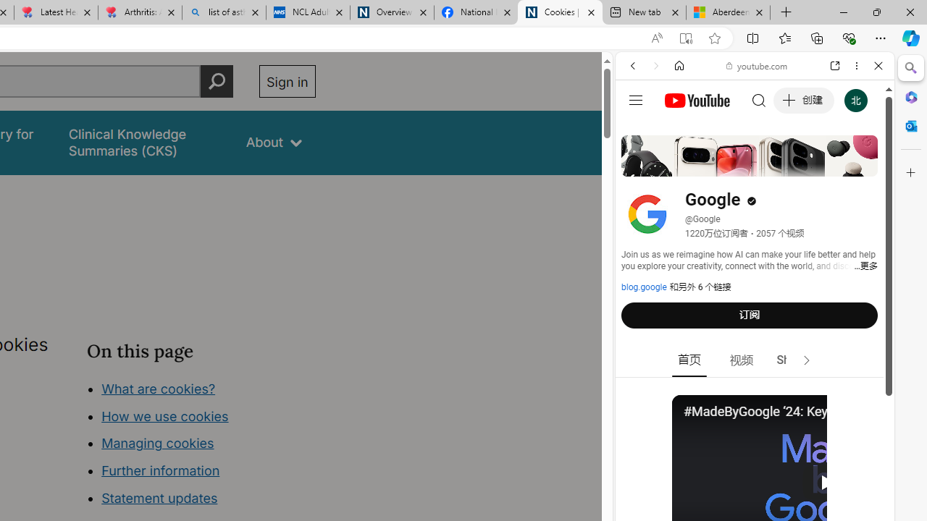  Describe the element at coordinates (216, 81) in the screenshot. I see `'Perform search'` at that location.